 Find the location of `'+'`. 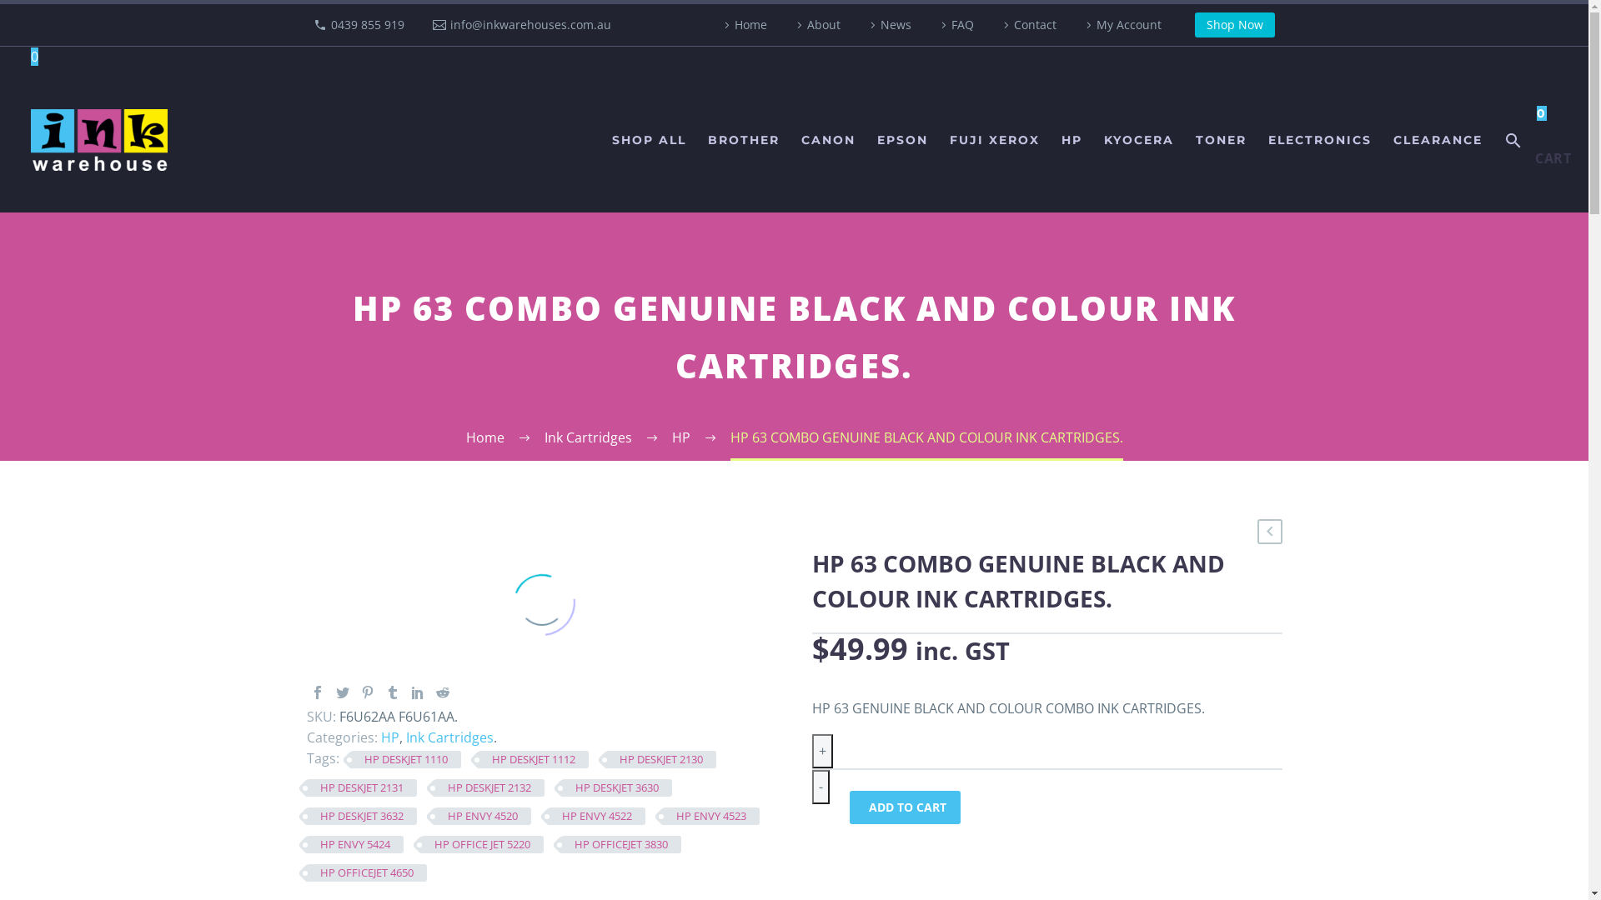

'+' is located at coordinates (822, 751).